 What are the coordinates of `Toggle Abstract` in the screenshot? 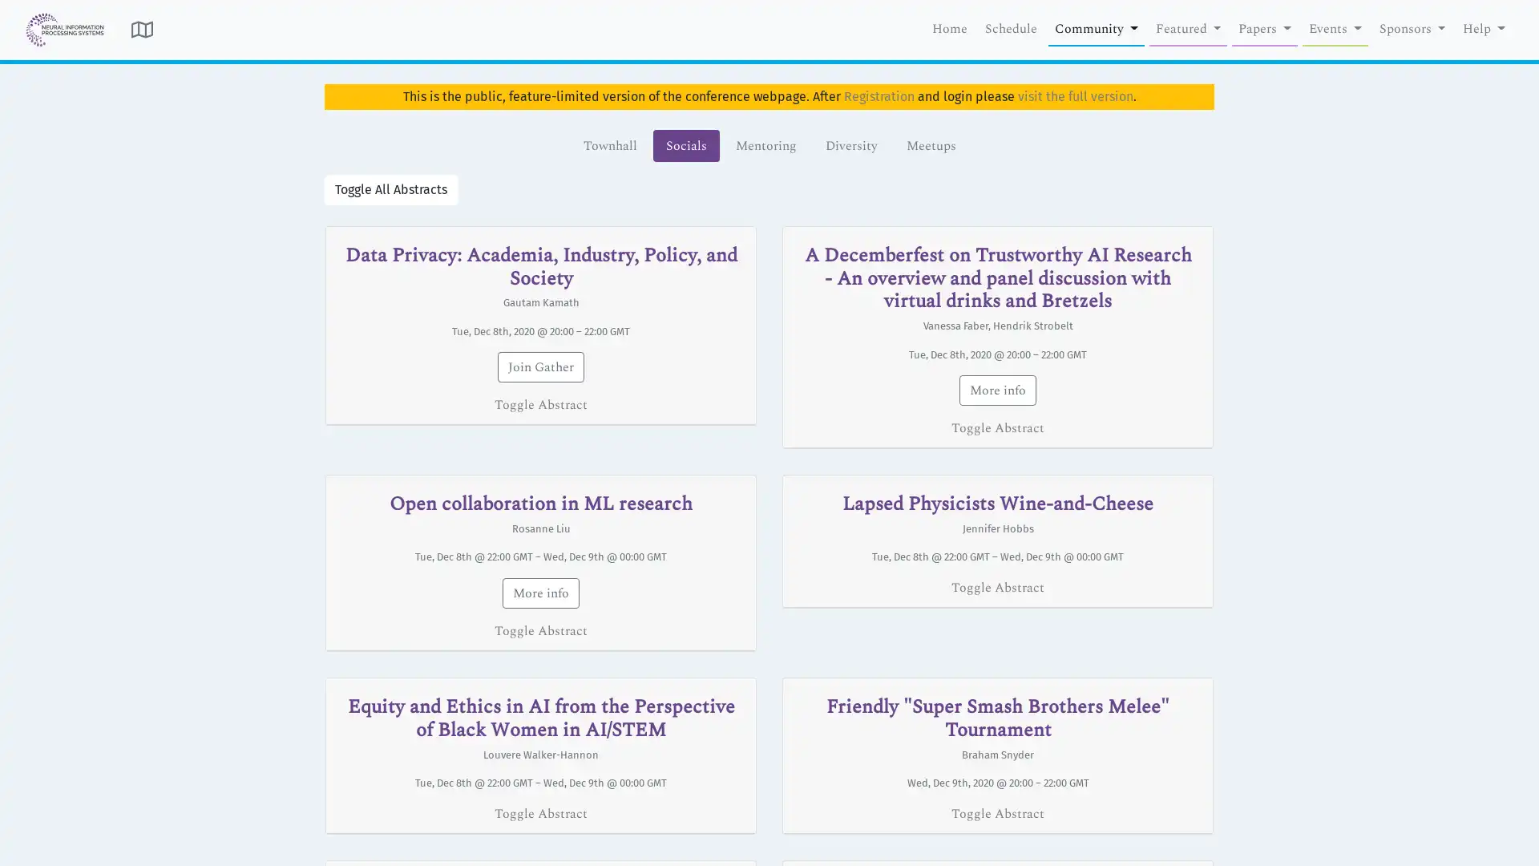 It's located at (541, 629).